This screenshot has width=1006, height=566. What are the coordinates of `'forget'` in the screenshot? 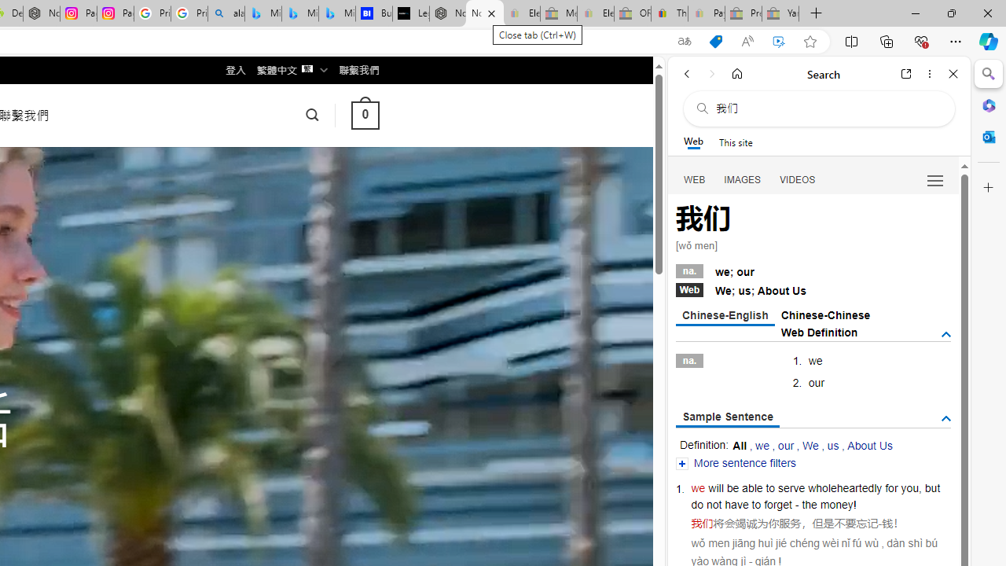 It's located at (778, 505).